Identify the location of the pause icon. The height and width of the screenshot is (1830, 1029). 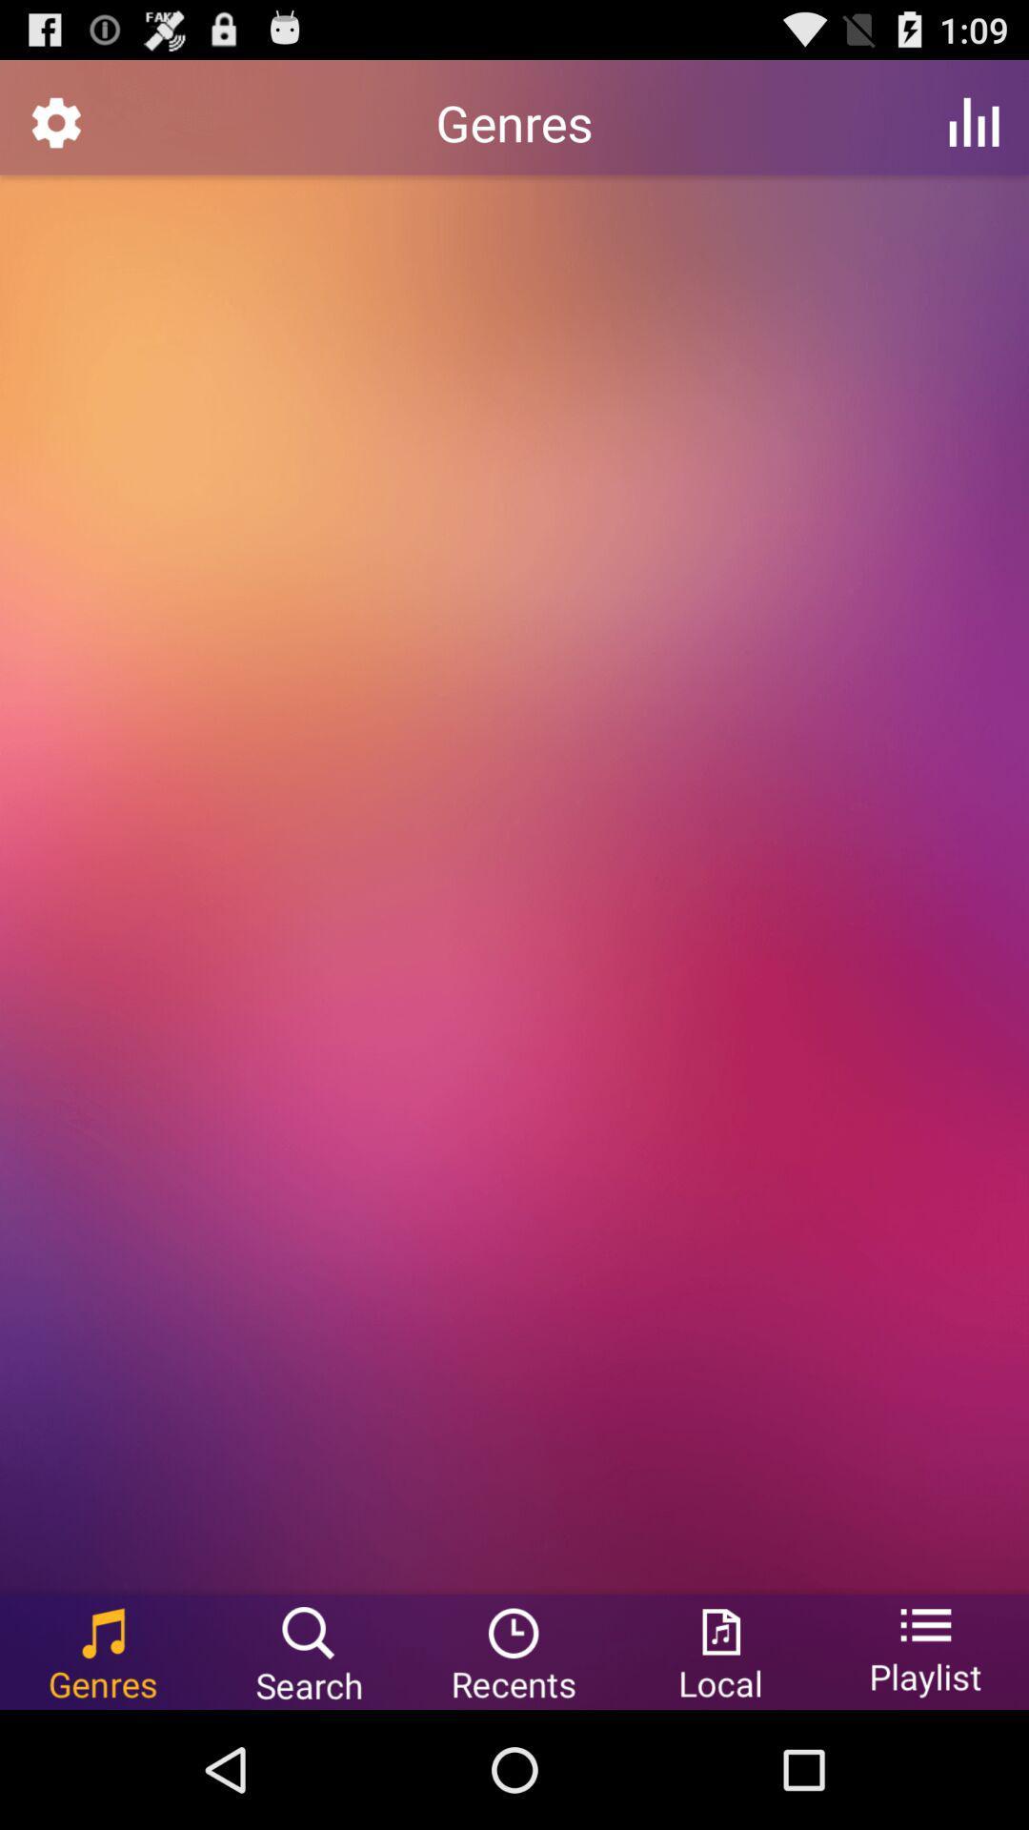
(974, 130).